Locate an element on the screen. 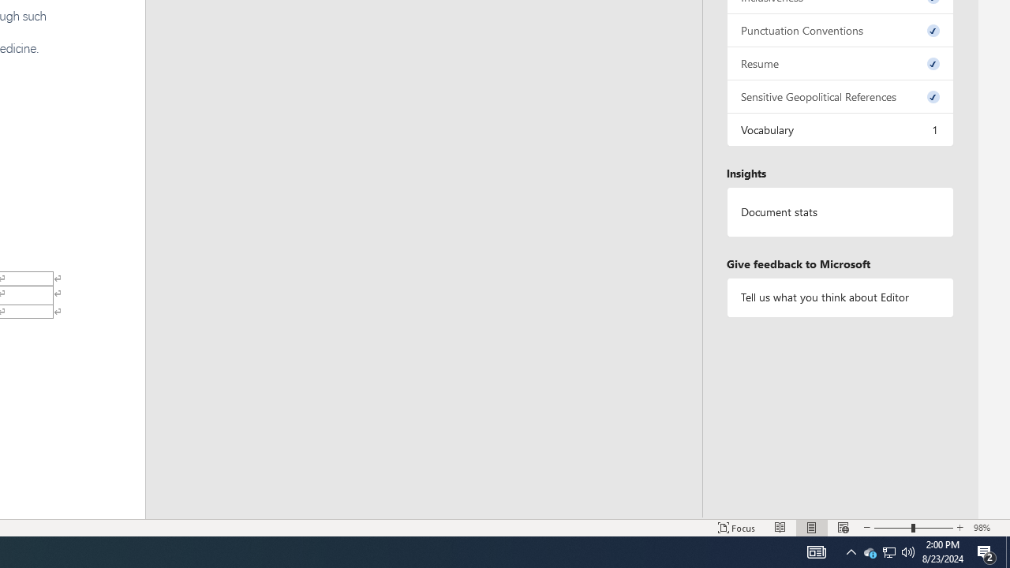  'Vocabulary, 1 issue. Press space or enter to review items.' is located at coordinates (839, 129).